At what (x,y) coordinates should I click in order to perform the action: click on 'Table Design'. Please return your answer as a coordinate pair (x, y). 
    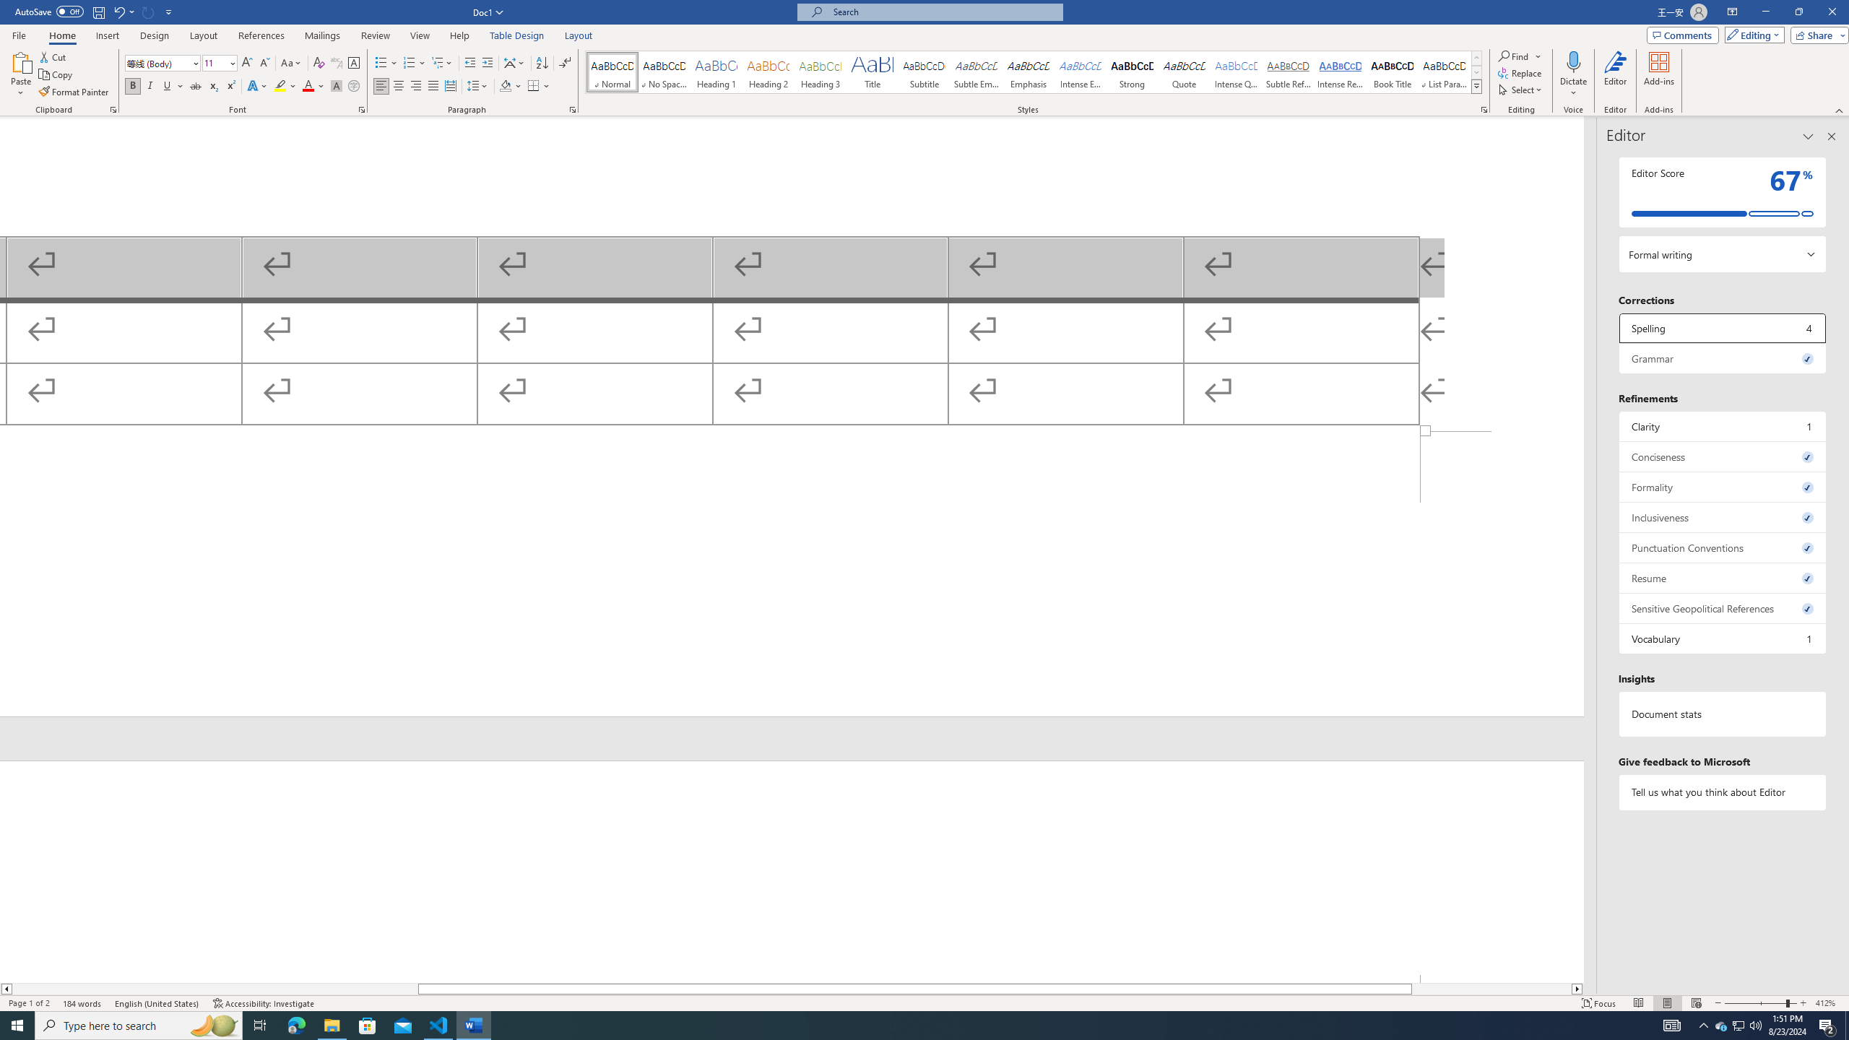
    Looking at the image, I should click on (517, 35).